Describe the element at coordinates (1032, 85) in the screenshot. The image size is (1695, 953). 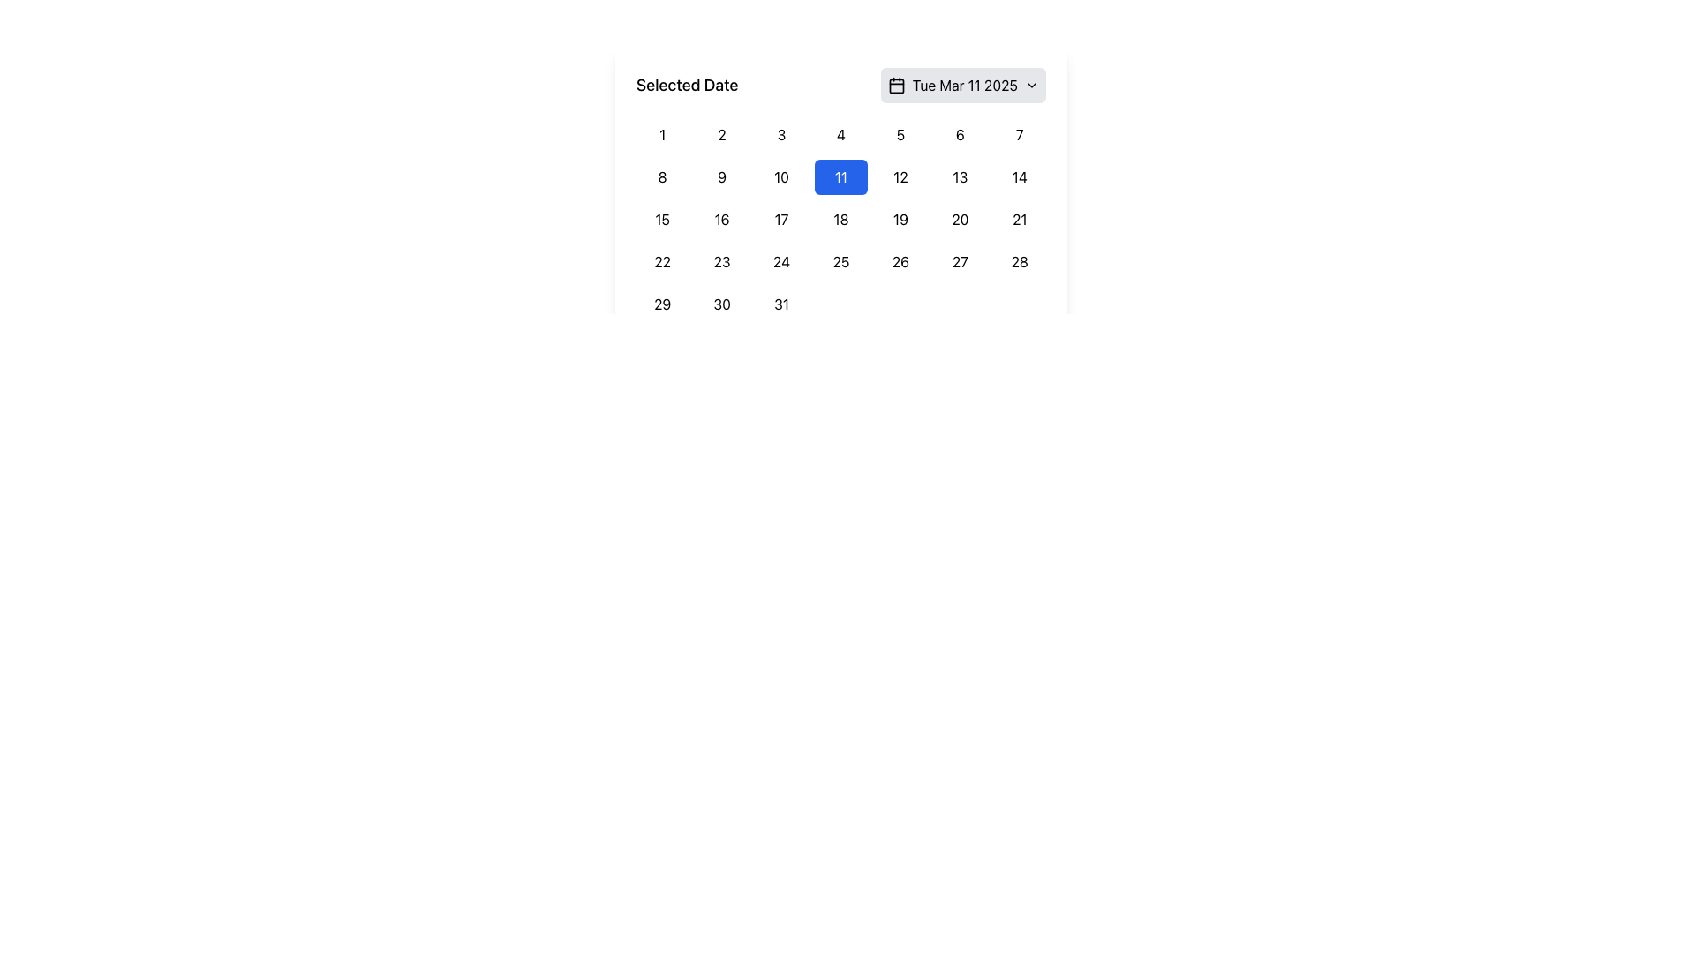
I see `the downward-pointing chevron icon located to the right of the date label 'Tue Mar 11 2025'` at that location.